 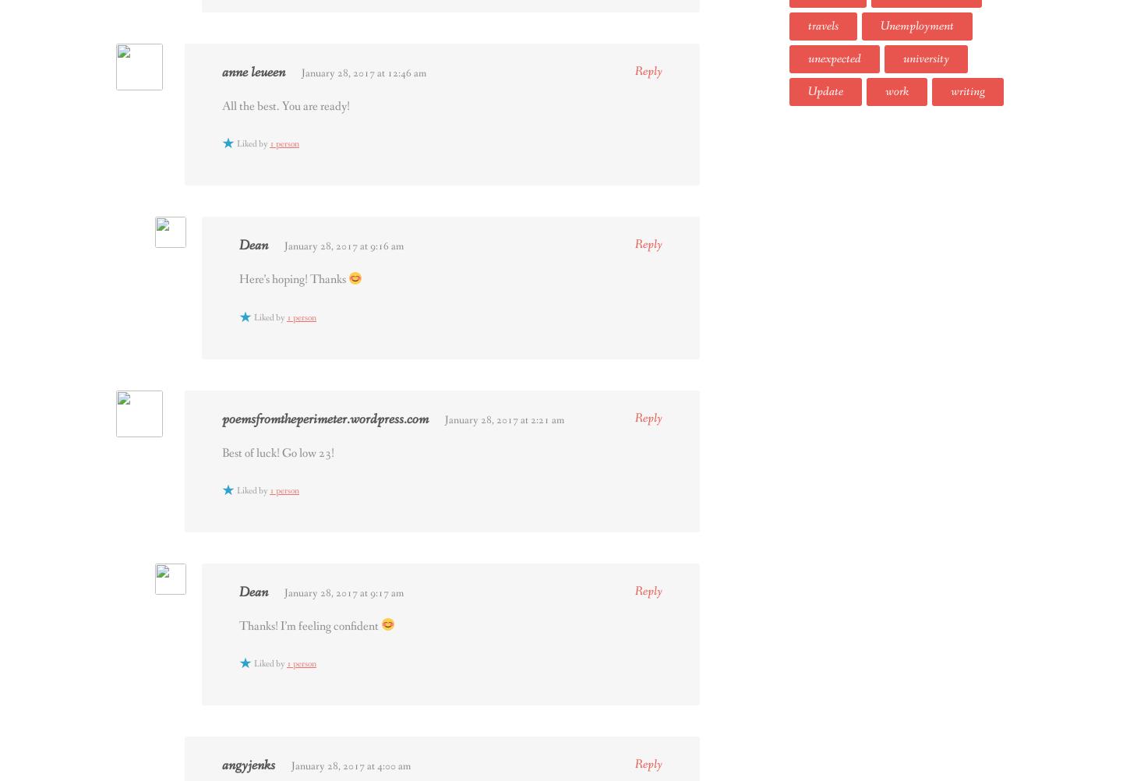 What do you see at coordinates (309, 624) in the screenshot?
I see `'Thanks! I’m feeling confident'` at bounding box center [309, 624].